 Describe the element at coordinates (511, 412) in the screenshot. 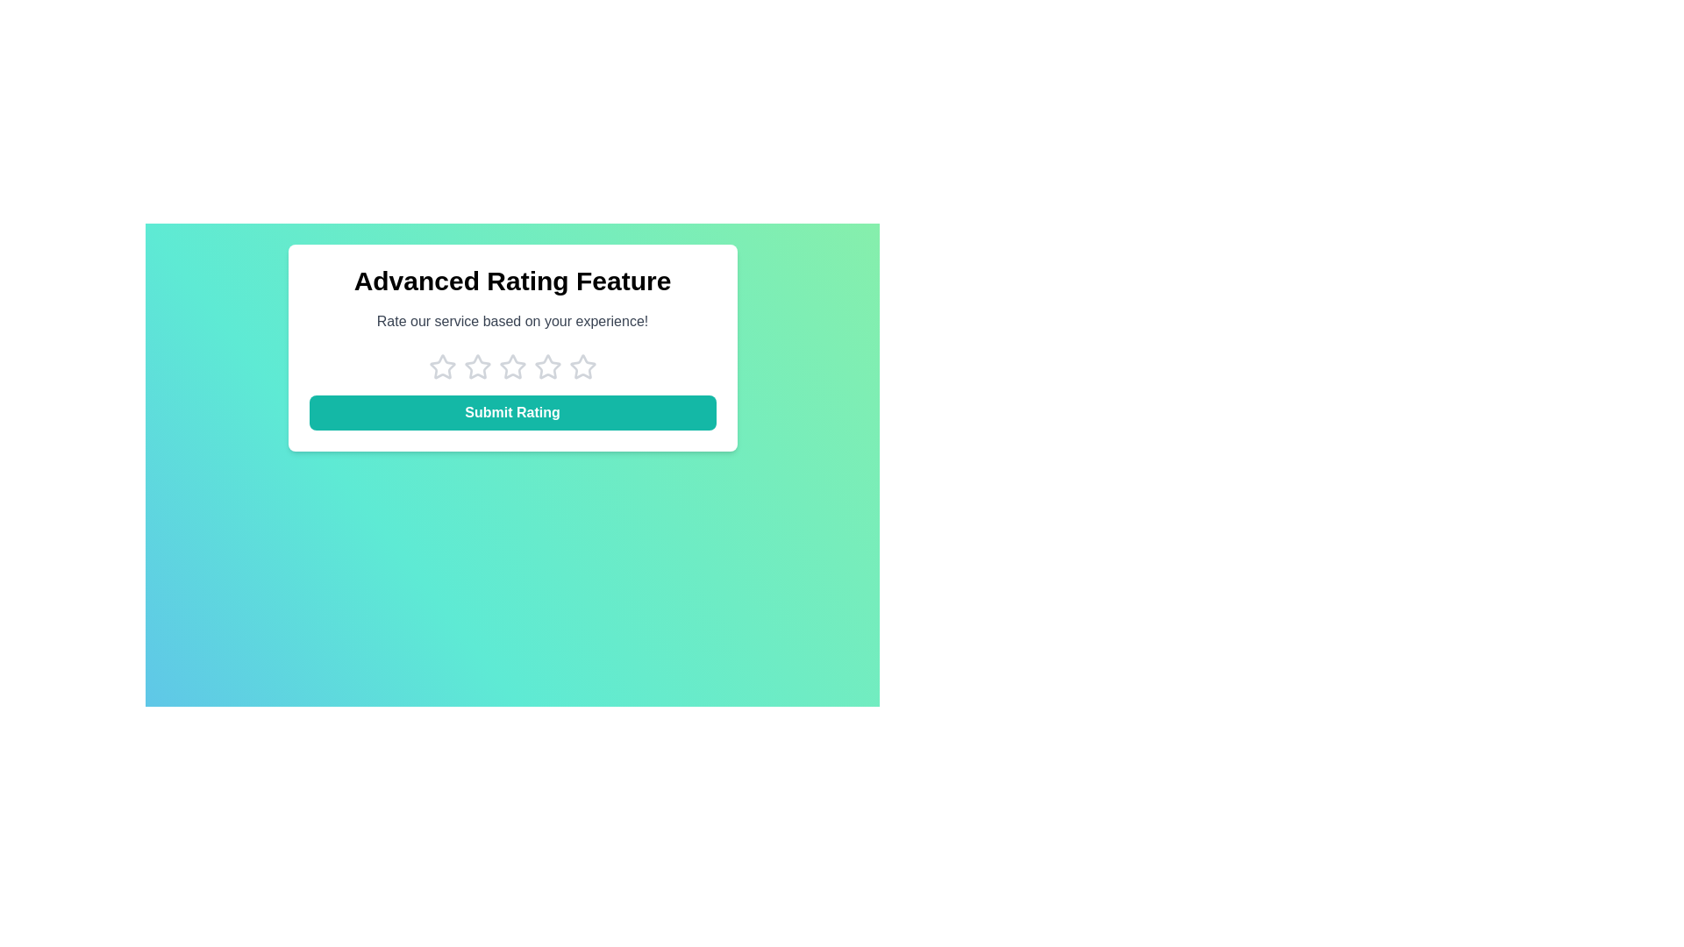

I see `the 'Submit Rating' button to submit the selected rating` at that location.